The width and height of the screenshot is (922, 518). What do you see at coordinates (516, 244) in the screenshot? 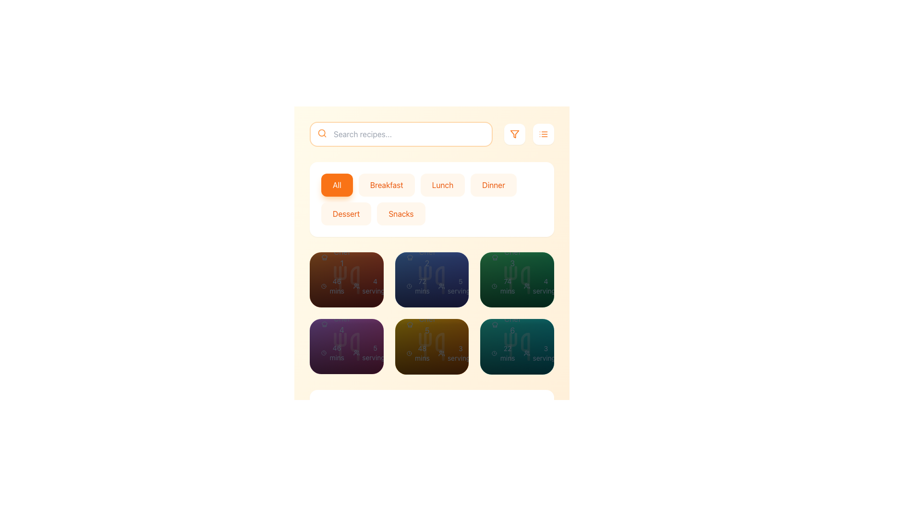
I see `the recipe summary block that displays the name and author of the recipe, located in the center of the interface as the first block in the second row of the recipe grid` at bounding box center [516, 244].